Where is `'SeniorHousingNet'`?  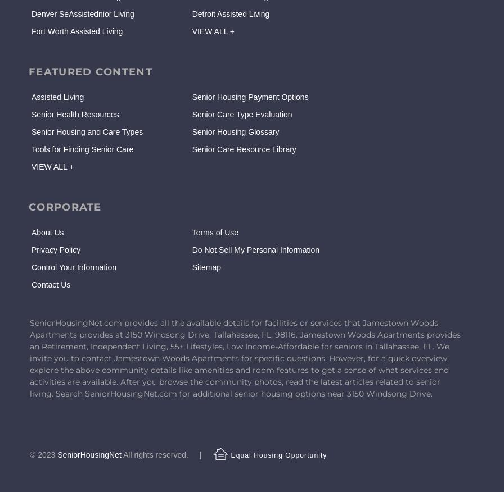 'SeniorHousingNet' is located at coordinates (89, 454).